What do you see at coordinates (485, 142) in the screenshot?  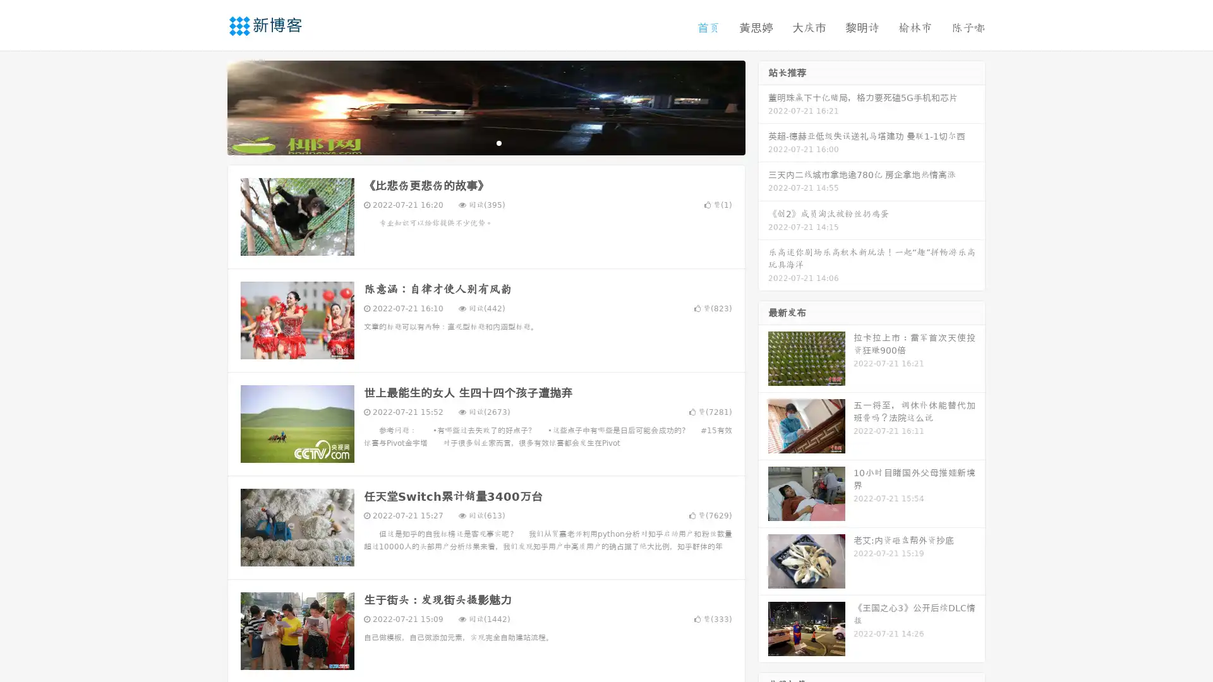 I see `Go to slide 2` at bounding box center [485, 142].